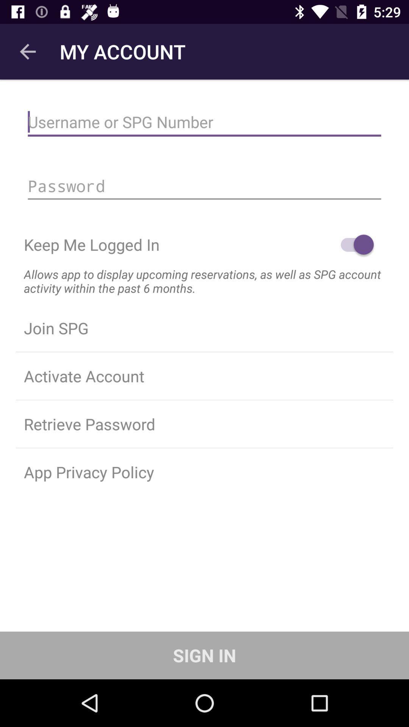 This screenshot has width=409, height=727. I want to click on sign in item, so click(204, 655).